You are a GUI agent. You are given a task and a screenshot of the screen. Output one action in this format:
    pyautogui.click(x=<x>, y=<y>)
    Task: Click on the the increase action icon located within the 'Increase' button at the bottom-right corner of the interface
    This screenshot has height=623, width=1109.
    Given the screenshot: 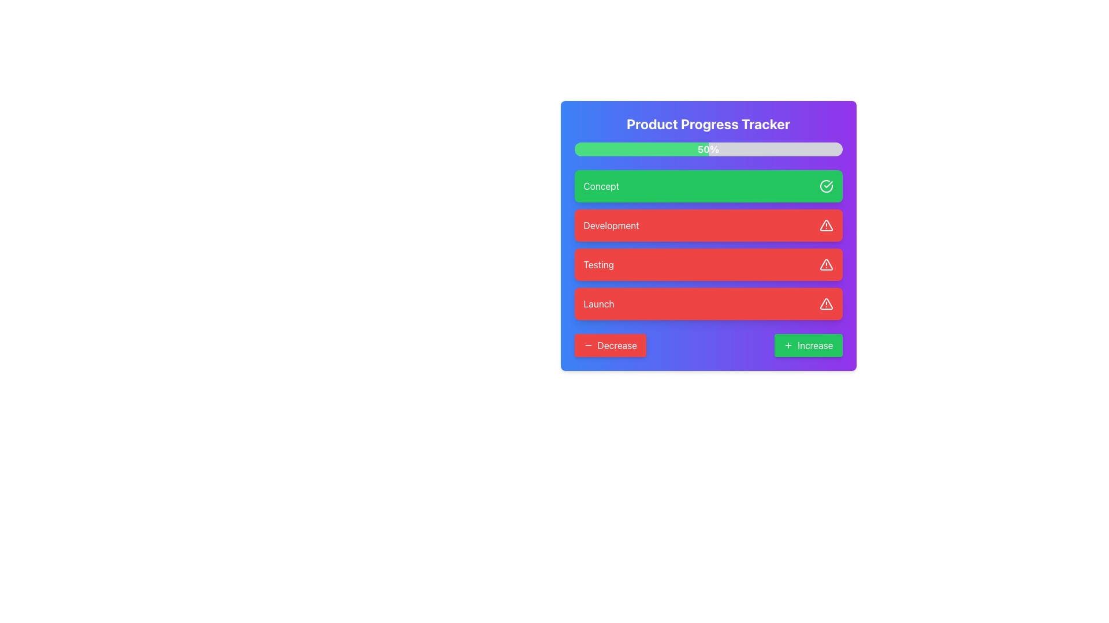 What is the action you would take?
    pyautogui.click(x=788, y=344)
    